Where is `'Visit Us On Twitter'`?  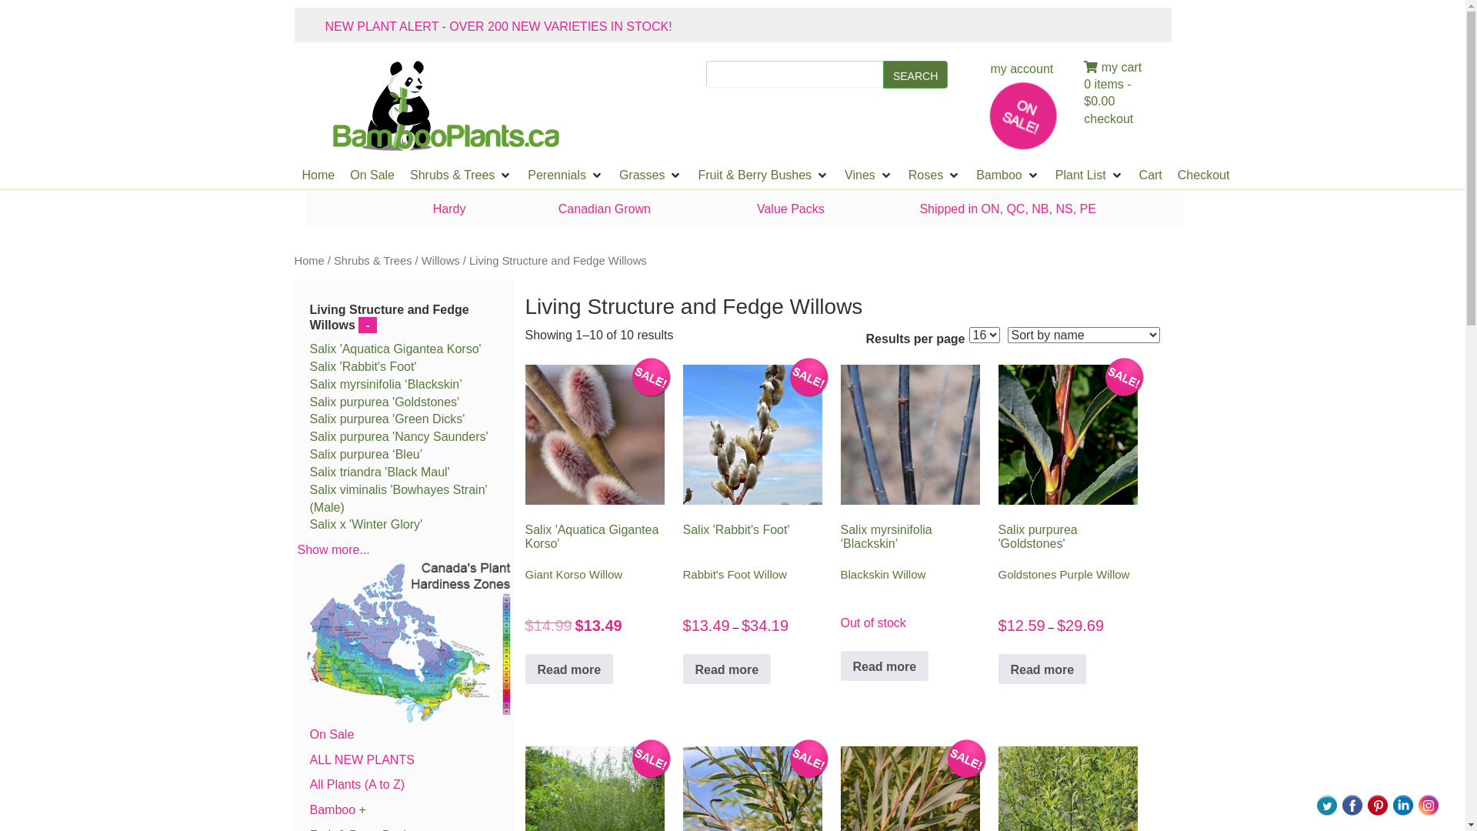 'Visit Us On Twitter' is located at coordinates (1325, 803).